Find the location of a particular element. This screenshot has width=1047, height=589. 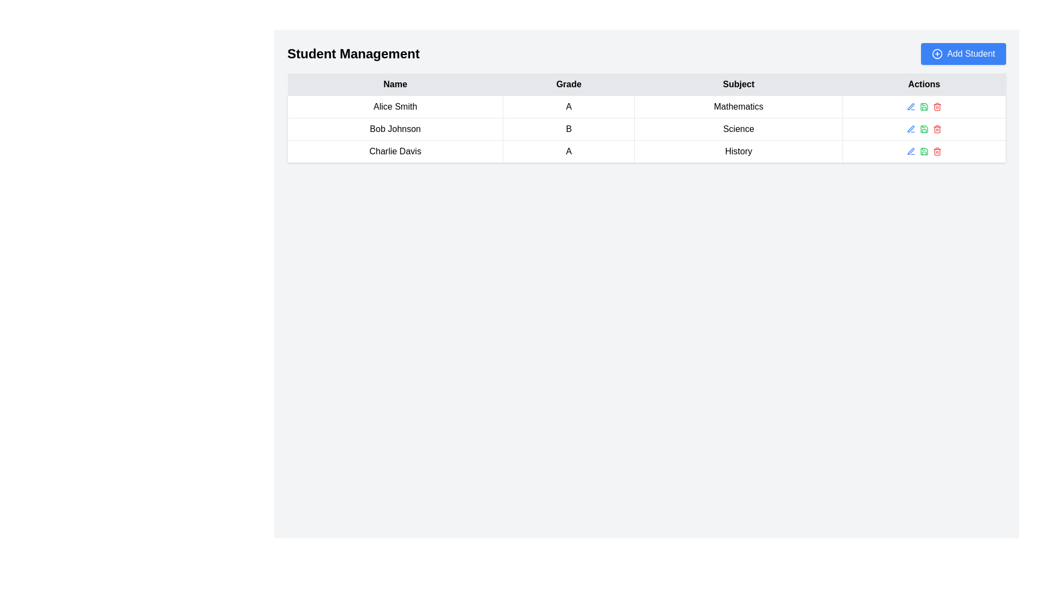

the text element displaying the grade 'A' for the student 'Charlie Davis', located in the second cell under the 'Grade' column of the student management table is located at coordinates (568, 151).